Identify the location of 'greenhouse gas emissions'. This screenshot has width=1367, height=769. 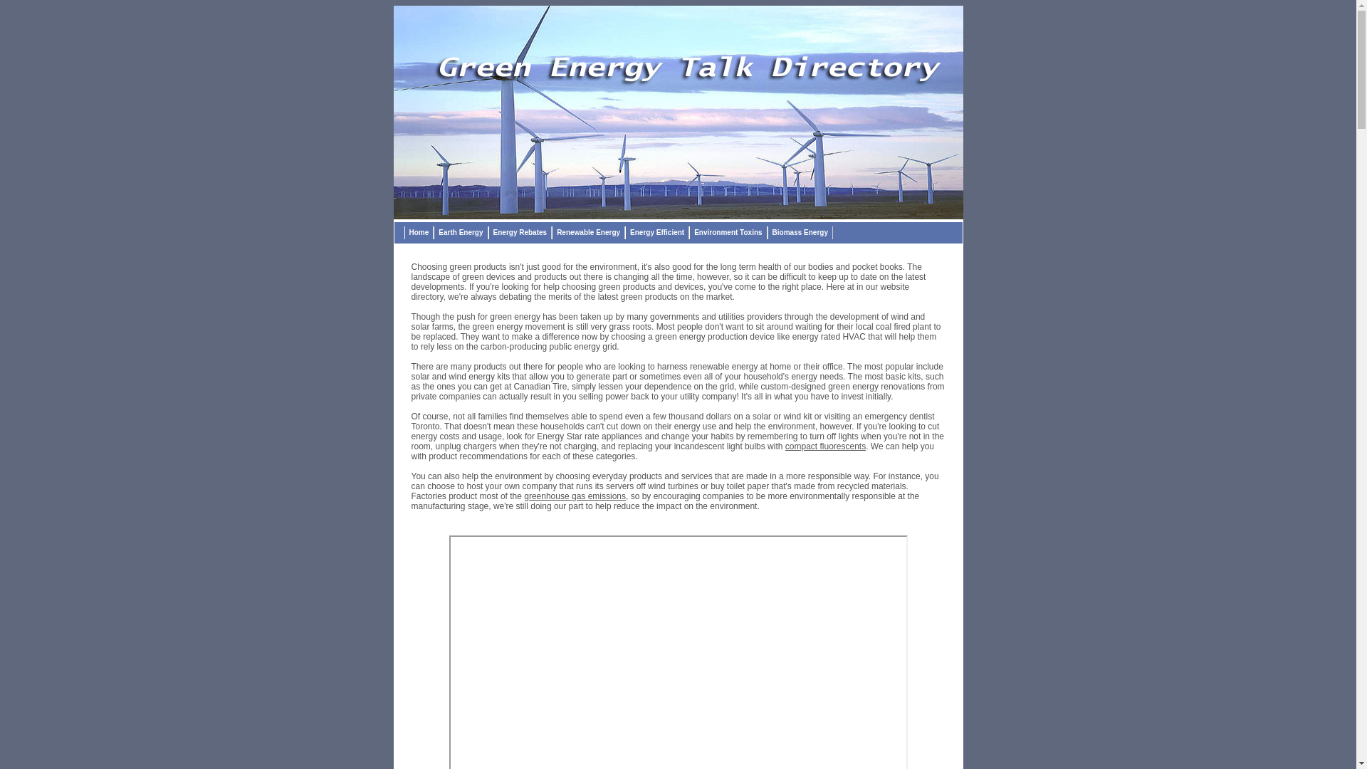
(575, 496).